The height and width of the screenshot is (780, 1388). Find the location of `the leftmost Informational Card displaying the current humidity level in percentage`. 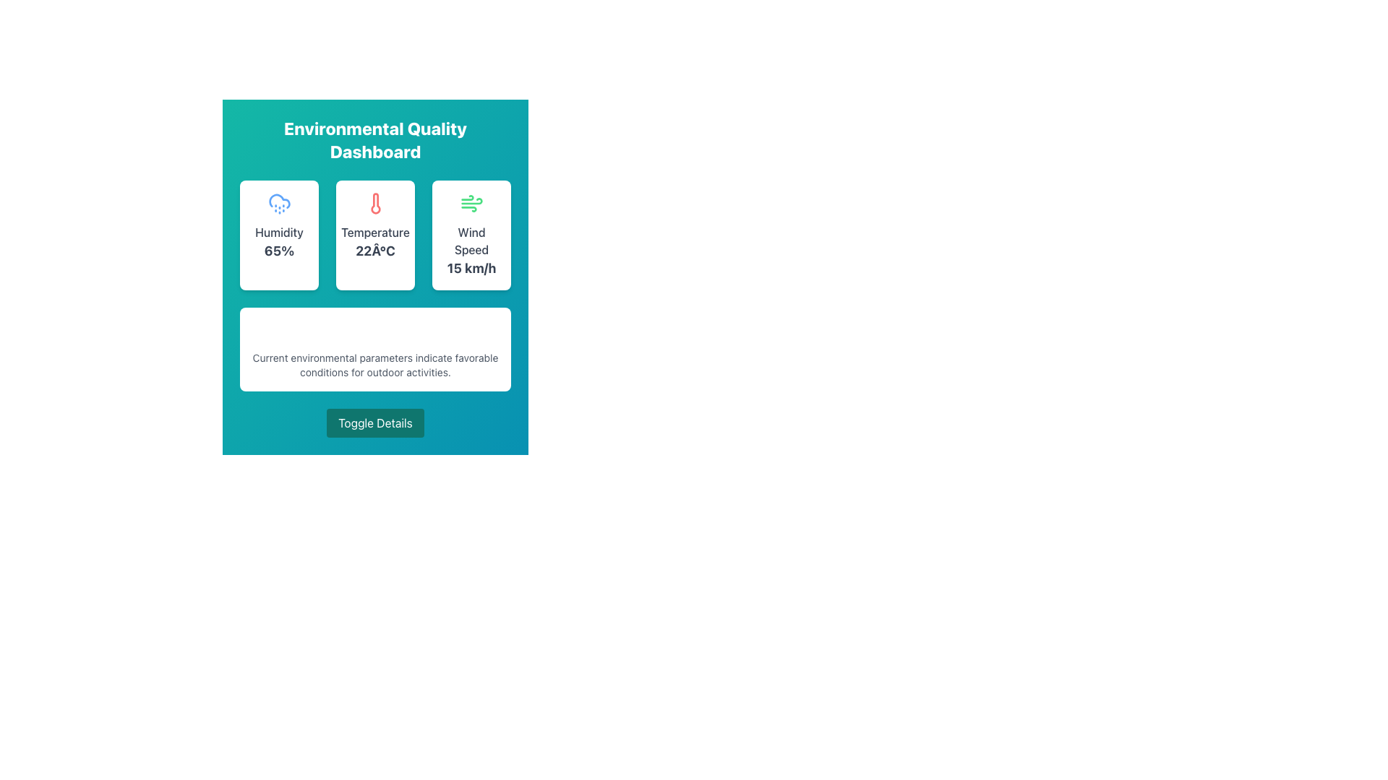

the leftmost Informational Card displaying the current humidity level in percentage is located at coordinates (279, 235).